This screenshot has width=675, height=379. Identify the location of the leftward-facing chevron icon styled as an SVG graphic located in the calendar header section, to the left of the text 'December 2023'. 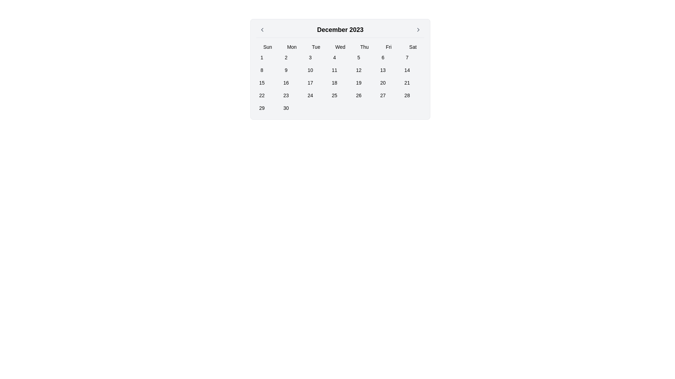
(262, 29).